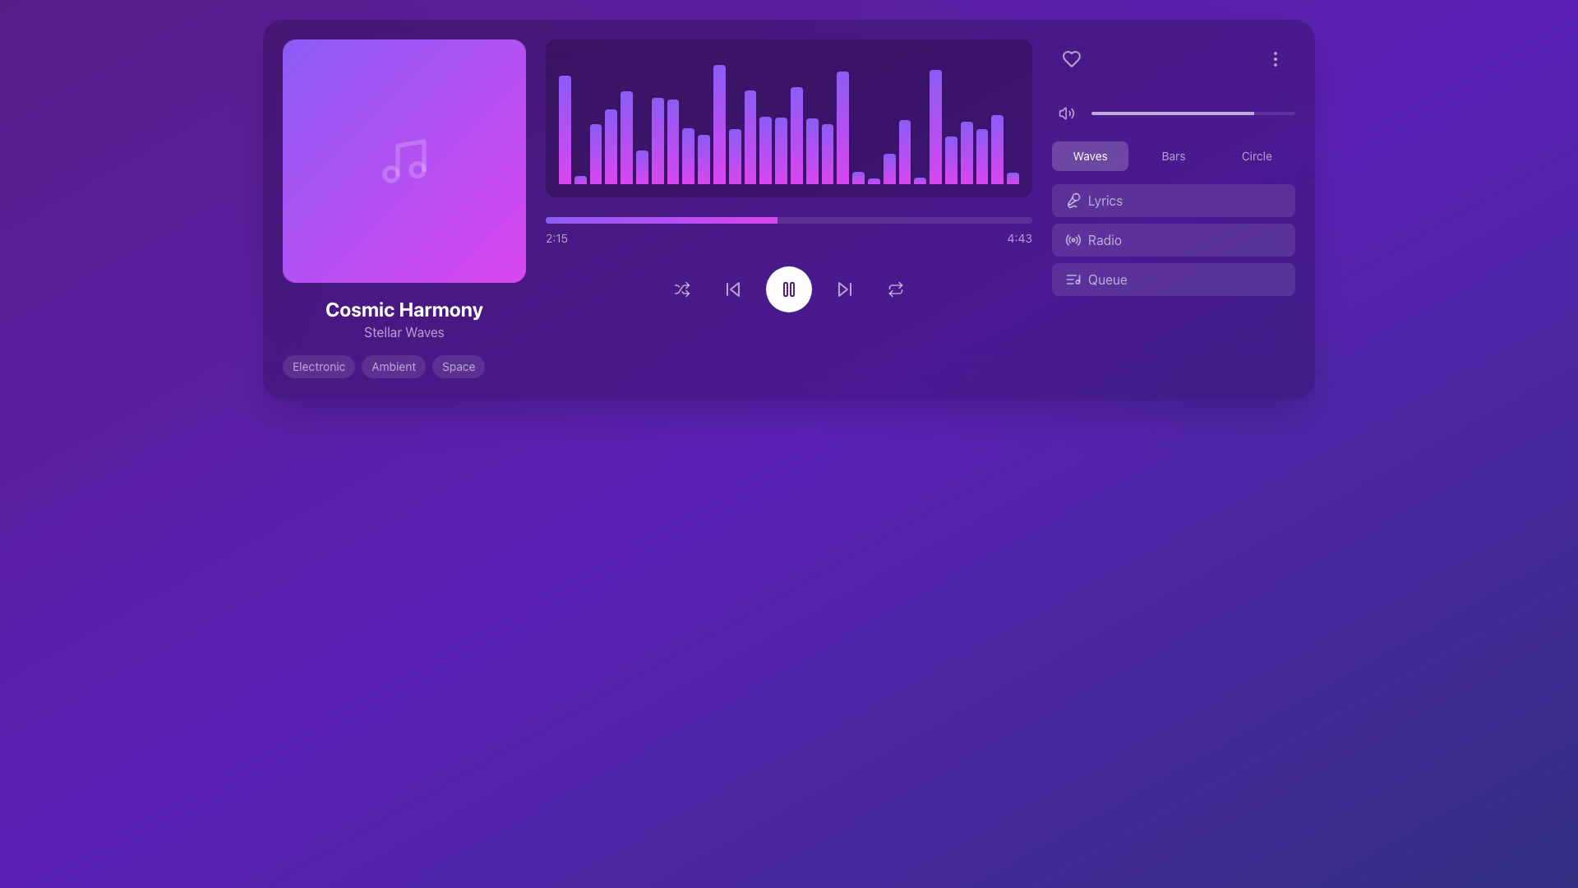 The width and height of the screenshot is (1578, 888). I want to click on the eleventh bar in the graphical music equalizer, which indicates audio amplitude or frequency, so click(734, 156).